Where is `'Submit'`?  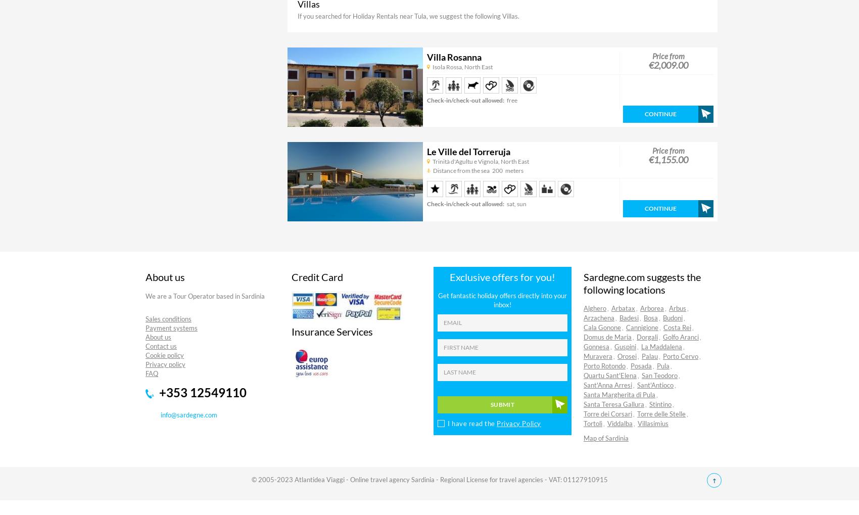 'Submit' is located at coordinates (501, 404).